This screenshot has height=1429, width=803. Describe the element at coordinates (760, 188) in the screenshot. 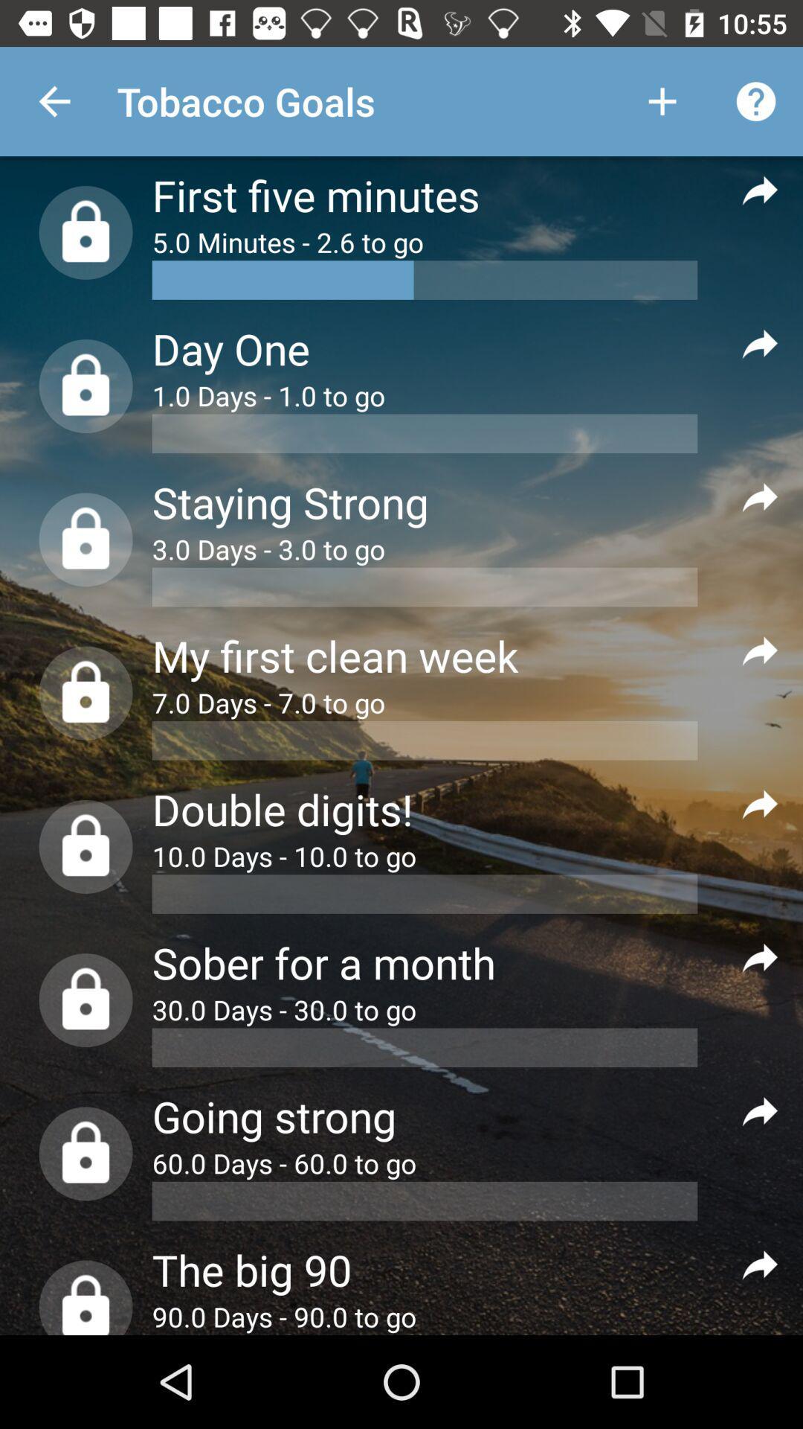

I see `share goal` at that location.